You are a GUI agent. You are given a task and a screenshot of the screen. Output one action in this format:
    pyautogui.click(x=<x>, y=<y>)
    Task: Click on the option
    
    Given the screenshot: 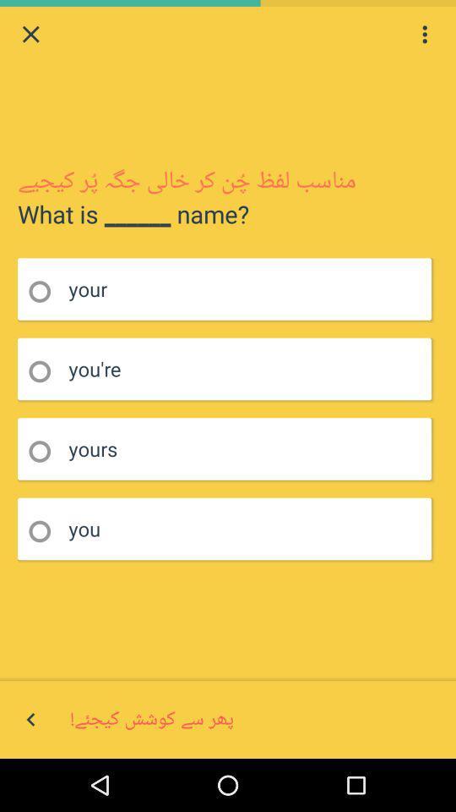 What is the action you would take?
    pyautogui.click(x=424, y=33)
    